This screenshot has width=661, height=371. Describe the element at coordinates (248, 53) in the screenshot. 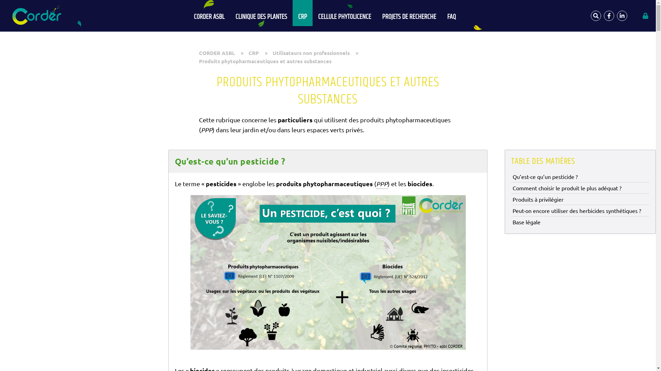

I see `'CRP'` at that location.